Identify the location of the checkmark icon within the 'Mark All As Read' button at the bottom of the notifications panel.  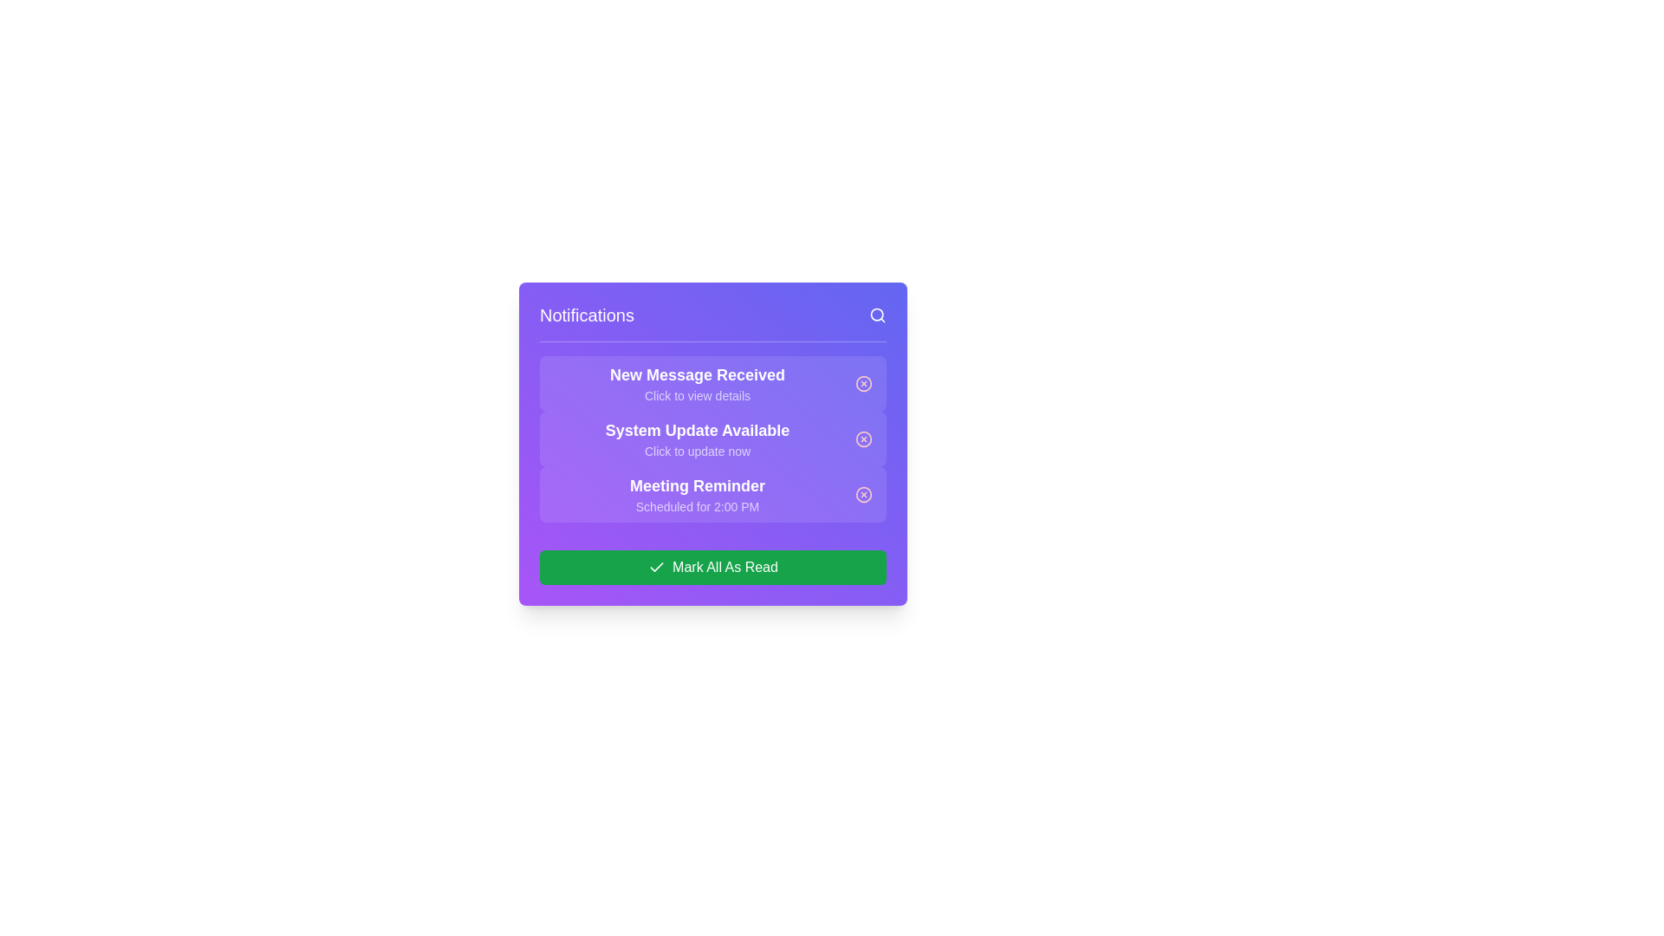
(656, 567).